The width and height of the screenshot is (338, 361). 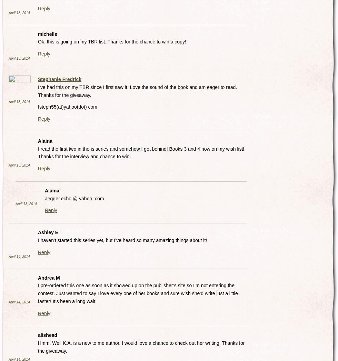 I want to click on 'michelle', so click(x=47, y=33).